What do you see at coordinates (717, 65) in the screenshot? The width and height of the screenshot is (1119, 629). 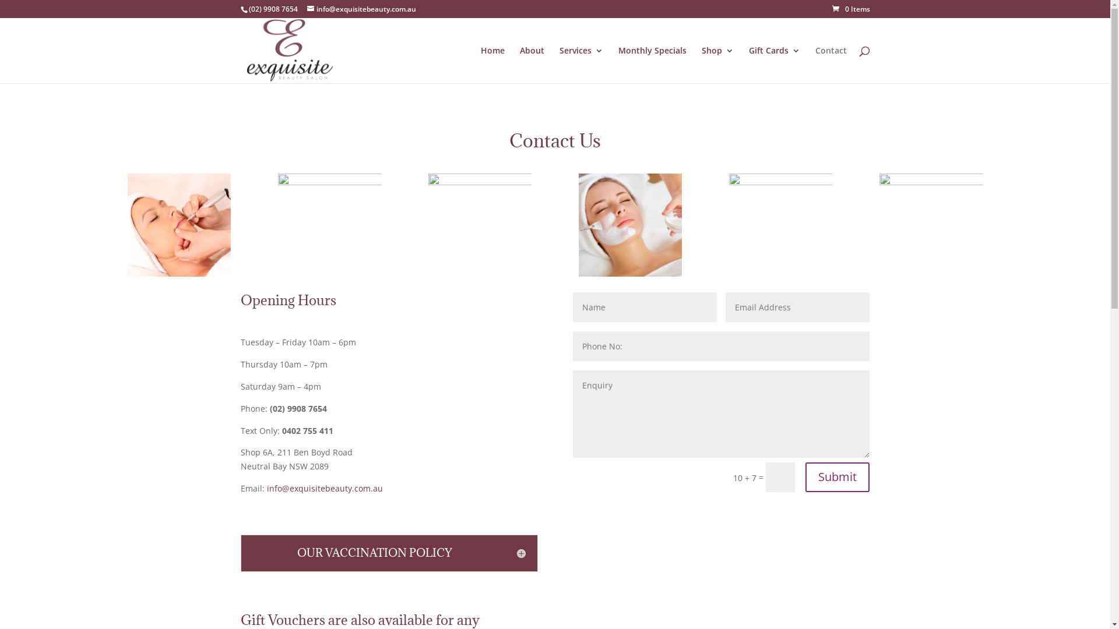 I see `'Shop'` at bounding box center [717, 65].